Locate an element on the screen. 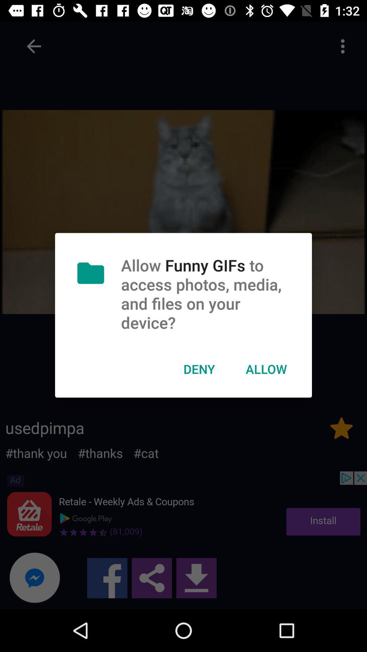 The width and height of the screenshot is (367, 652). the star icon is located at coordinates (342, 428).